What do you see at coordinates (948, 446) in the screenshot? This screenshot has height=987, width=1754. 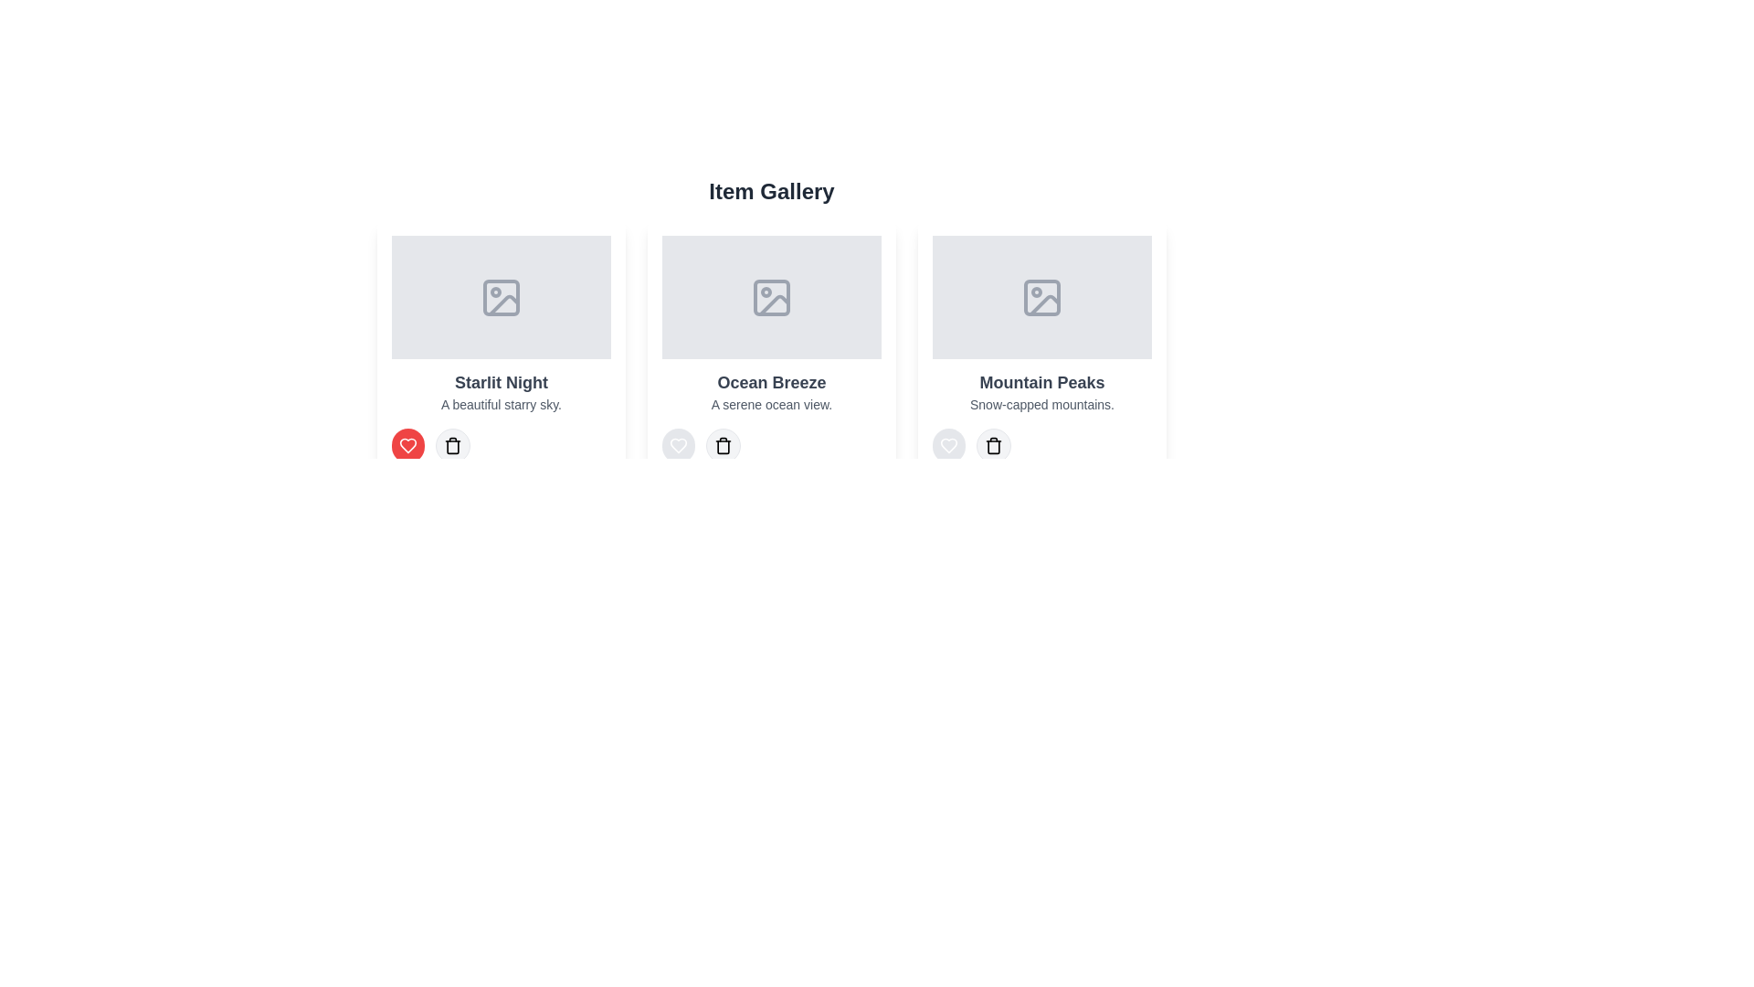 I see `the like button for the item labeled 'Mountain Peaks' to toggle its like status` at bounding box center [948, 446].